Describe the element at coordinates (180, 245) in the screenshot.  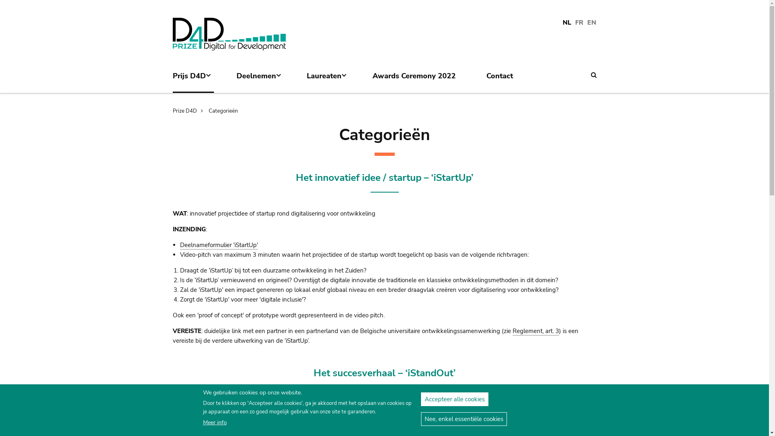
I see `'Deelnameformulier 'iStartUp''` at that location.